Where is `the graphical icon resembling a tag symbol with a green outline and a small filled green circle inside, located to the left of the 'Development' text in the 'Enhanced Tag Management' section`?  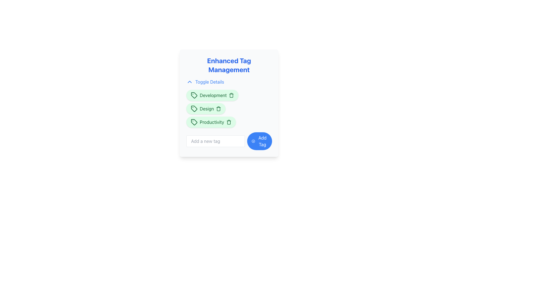 the graphical icon resembling a tag symbol with a green outline and a small filled green circle inside, located to the left of the 'Development' text in the 'Enhanced Tag Management' section is located at coordinates (194, 95).